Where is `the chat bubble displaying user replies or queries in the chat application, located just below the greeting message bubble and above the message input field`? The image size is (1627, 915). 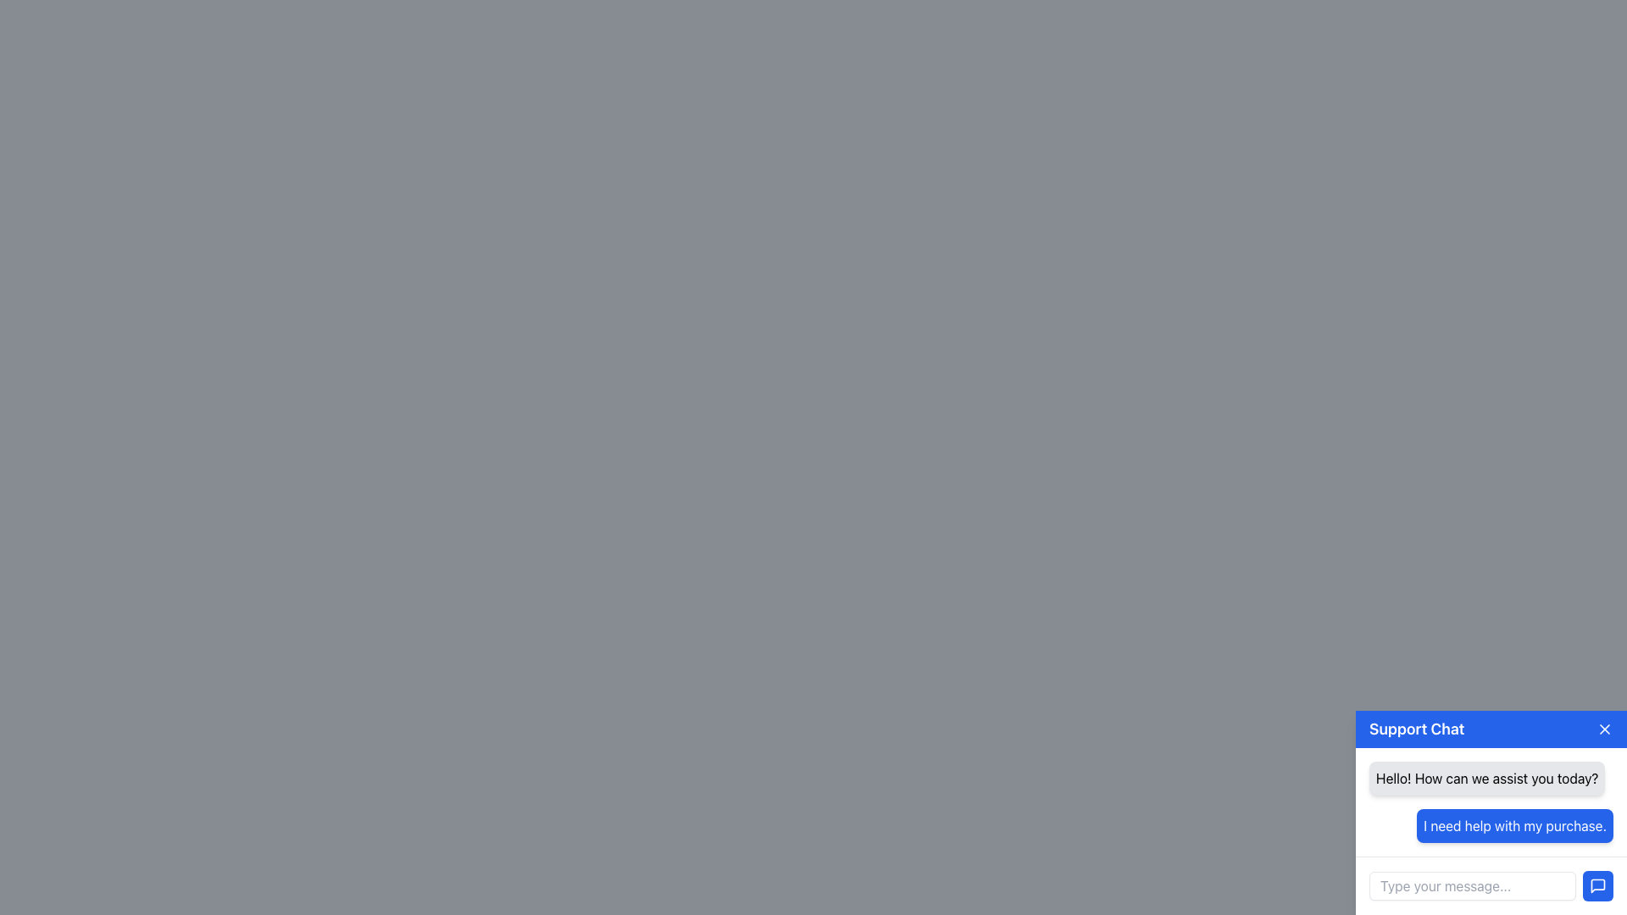 the chat bubble displaying user replies or queries in the chat application, located just below the greeting message bubble and above the message input field is located at coordinates (1491, 825).